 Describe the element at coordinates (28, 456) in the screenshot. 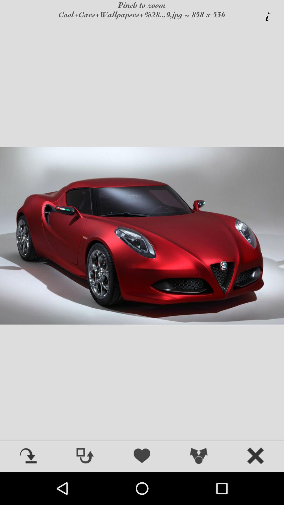

I see `download picture` at that location.